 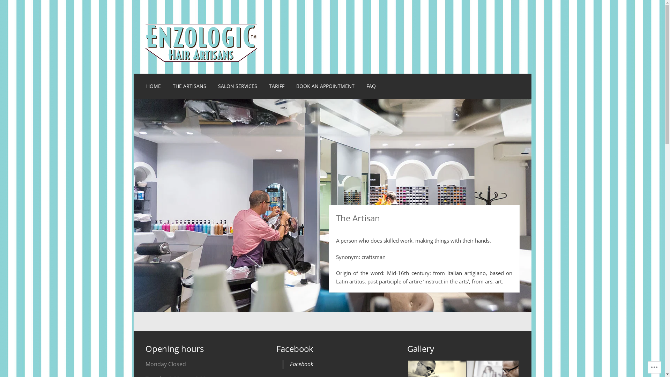 I want to click on 'THE ARTISANS', so click(x=189, y=86).